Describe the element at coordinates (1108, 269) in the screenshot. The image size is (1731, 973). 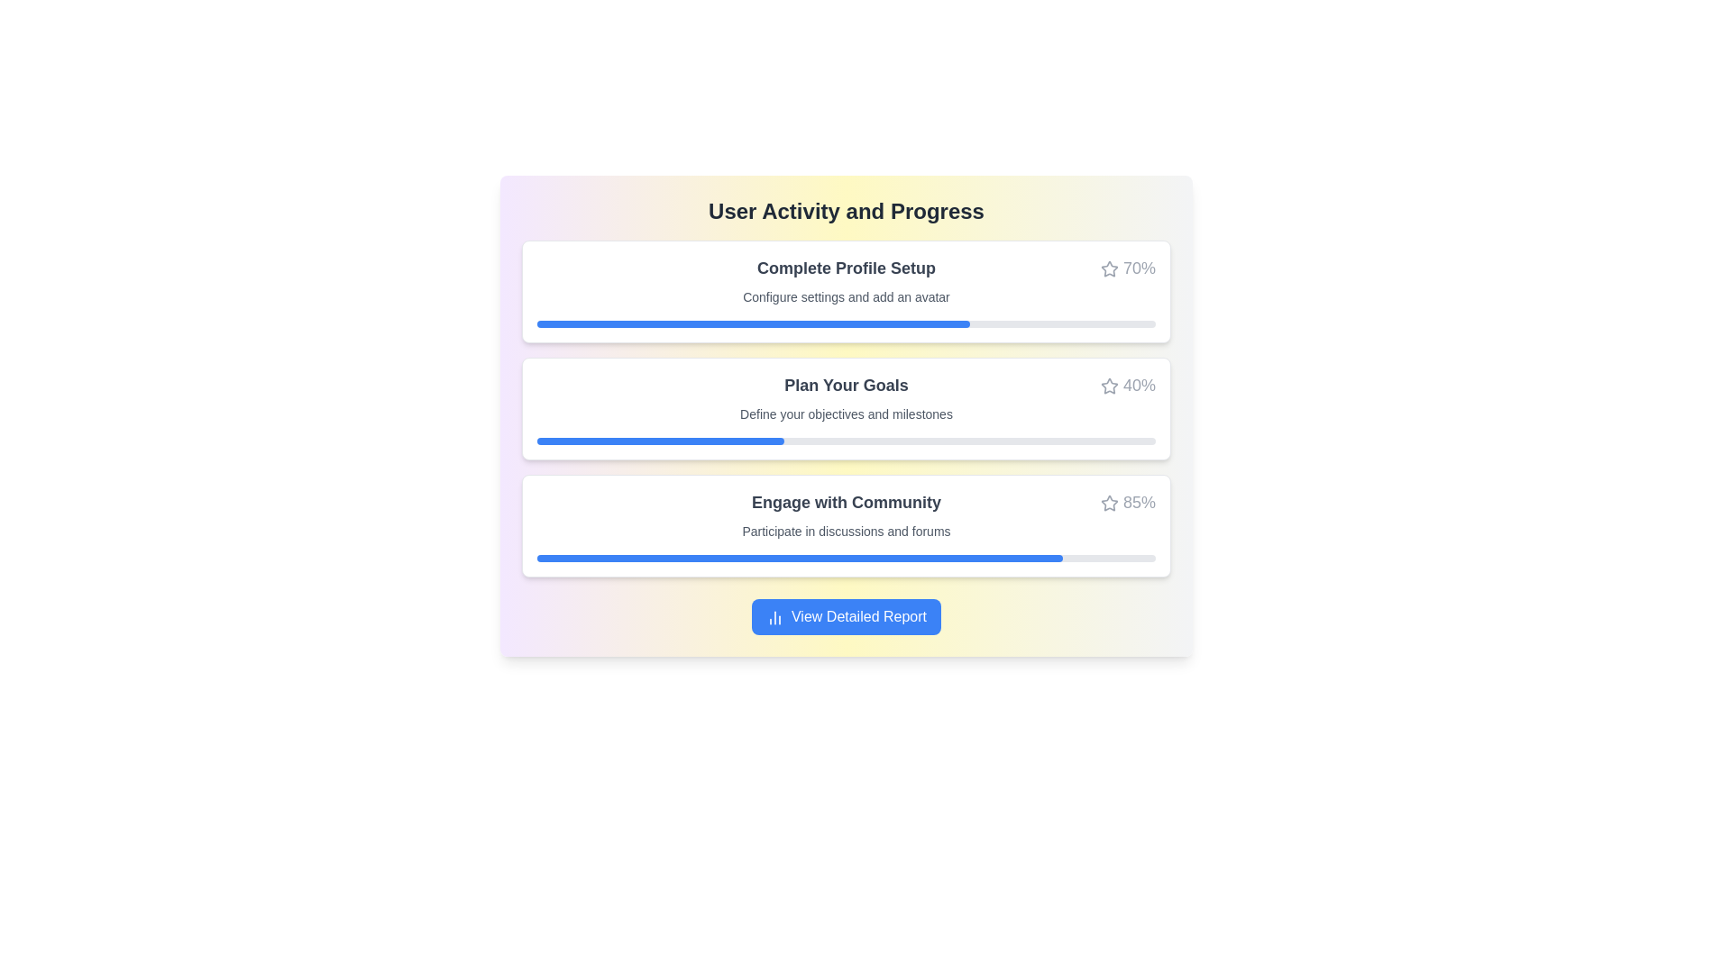
I see `the decorative icon indicating rating or progress related to the 'Complete Profile Setup' label, located in the top-right corner of the card` at that location.